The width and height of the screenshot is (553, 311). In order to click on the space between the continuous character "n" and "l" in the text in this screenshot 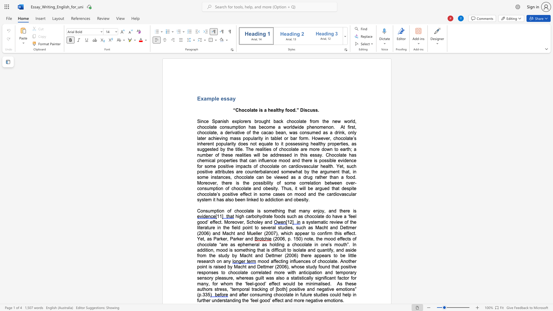, I will do `click(352, 132)`.